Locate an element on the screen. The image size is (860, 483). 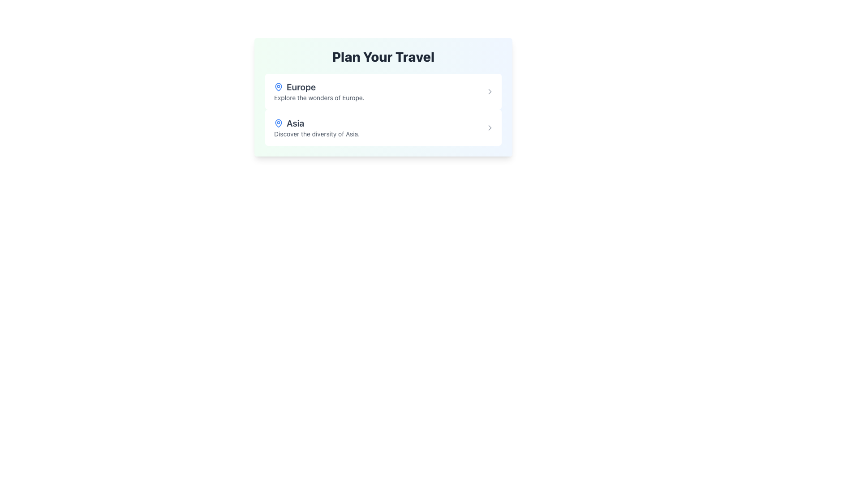
the text element displaying 'Europe', which is styled in a large, bold font with a grayish tone, and is positioned to the right of a blue map pin icon is located at coordinates (301, 87).